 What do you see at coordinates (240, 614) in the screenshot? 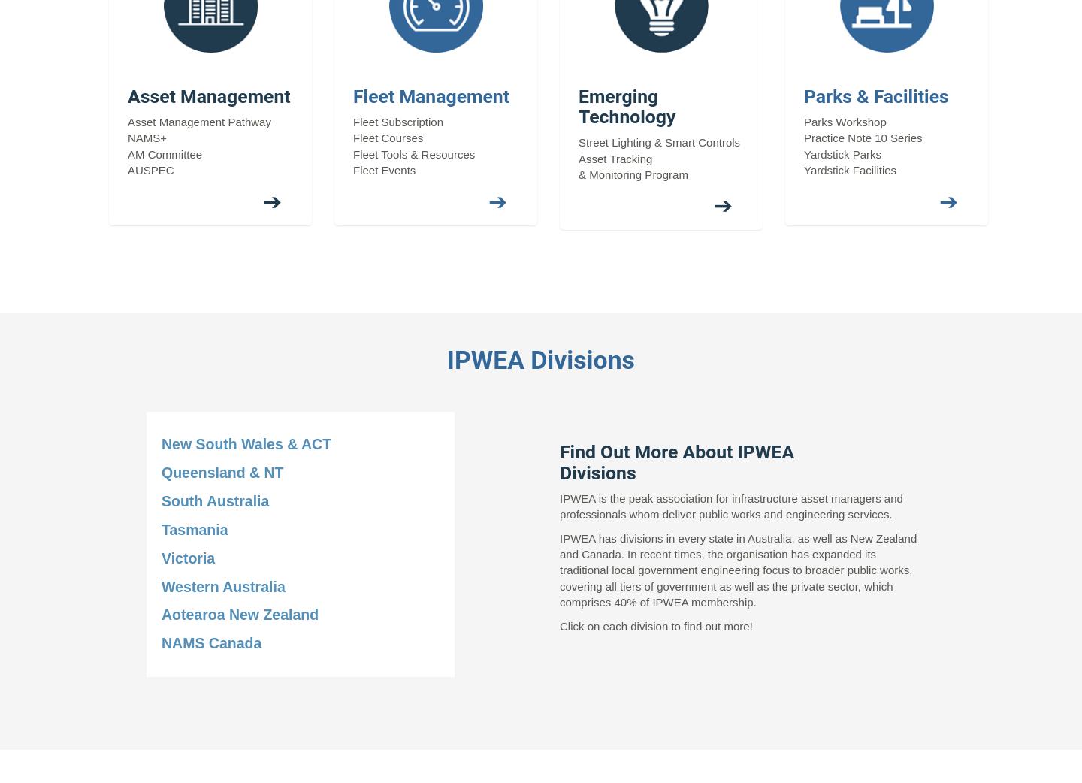
I see `'Aotearoa New Zealand'` at bounding box center [240, 614].